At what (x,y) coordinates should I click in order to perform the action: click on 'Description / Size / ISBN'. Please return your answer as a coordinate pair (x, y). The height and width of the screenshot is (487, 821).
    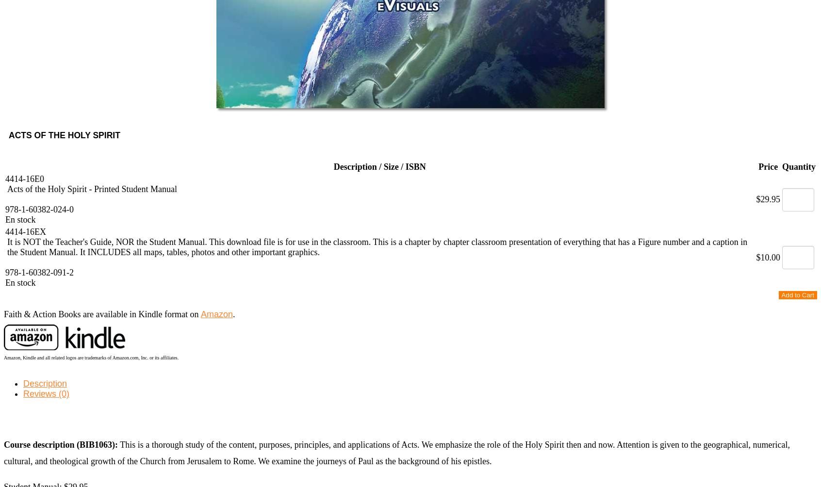
    Looking at the image, I should click on (379, 166).